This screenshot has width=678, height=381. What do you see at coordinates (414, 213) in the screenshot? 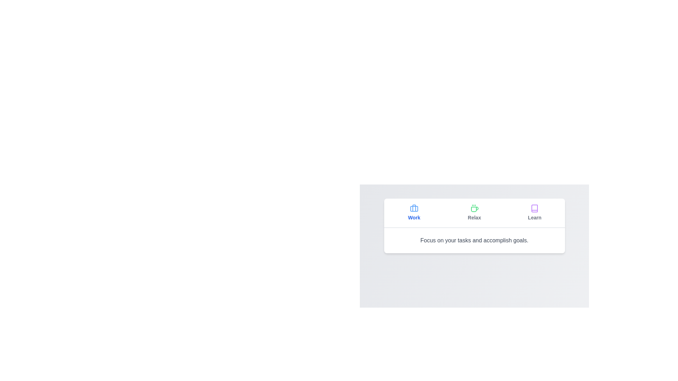
I see `the Work tab to switch to it` at bounding box center [414, 213].